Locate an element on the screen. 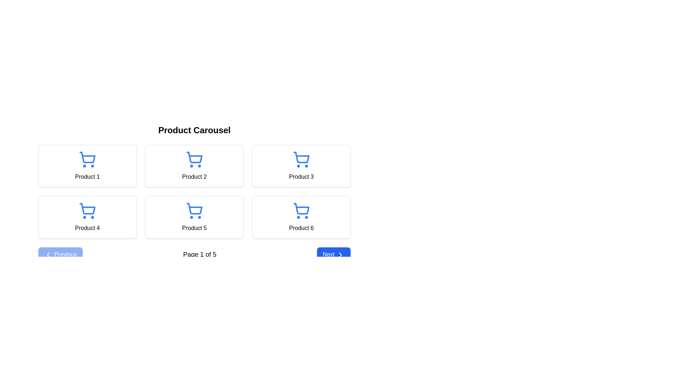  the shopping cart icon located at the top of the 'Product 3' card in the grid layout, which serves is located at coordinates (301, 159).